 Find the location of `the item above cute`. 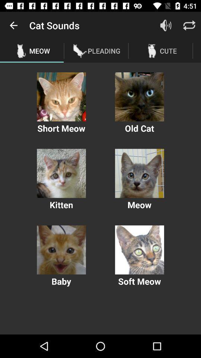

the item above cute is located at coordinates (189, 25).